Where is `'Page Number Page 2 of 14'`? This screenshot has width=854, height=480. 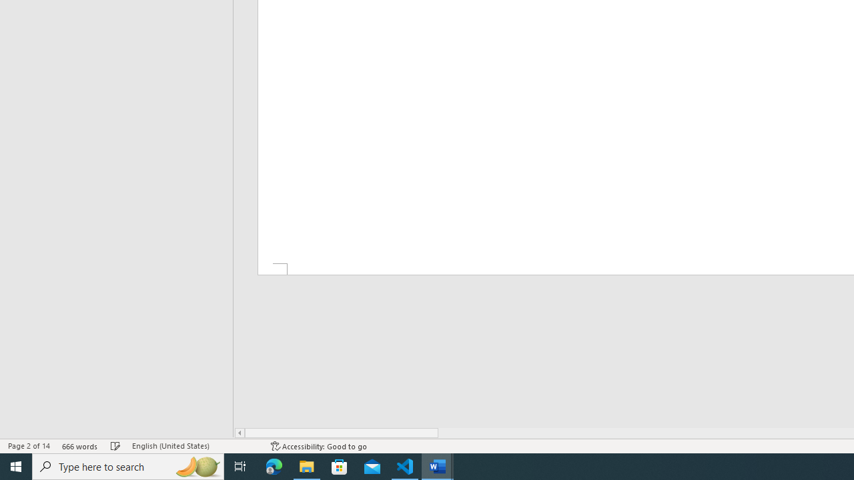 'Page Number Page 2 of 14' is located at coordinates (29, 446).